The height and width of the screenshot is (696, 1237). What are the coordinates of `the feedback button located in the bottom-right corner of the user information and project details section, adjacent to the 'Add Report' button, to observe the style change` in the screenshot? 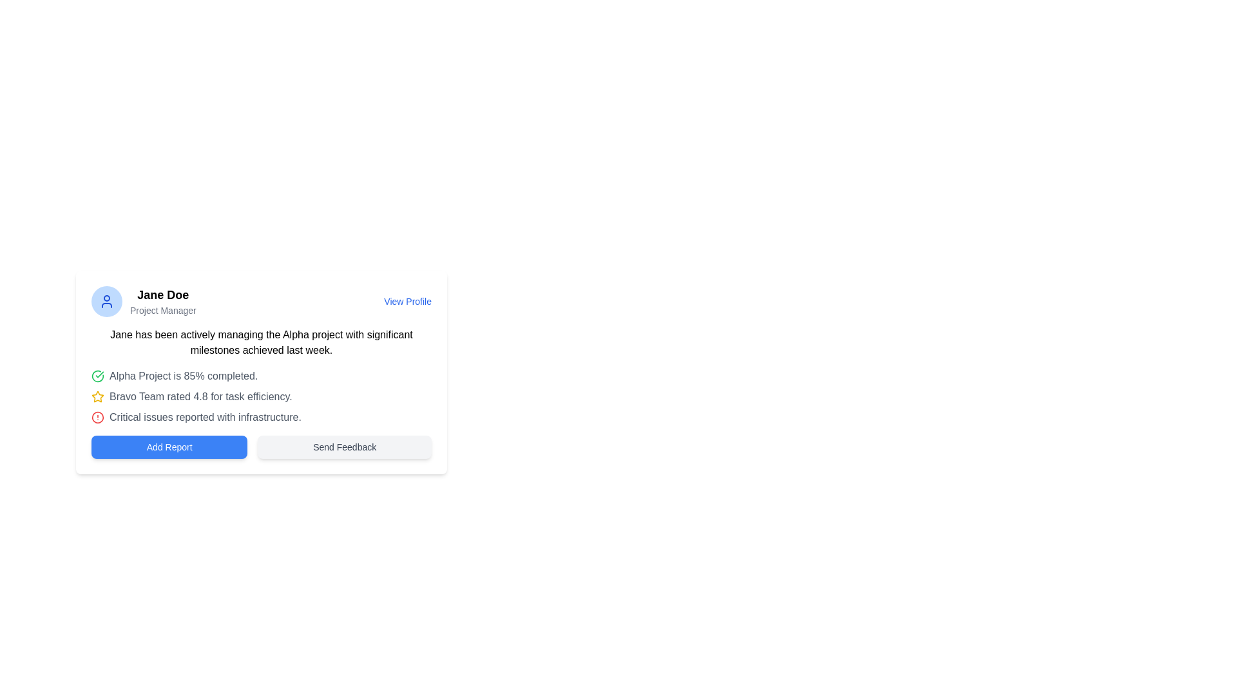 It's located at (345, 447).